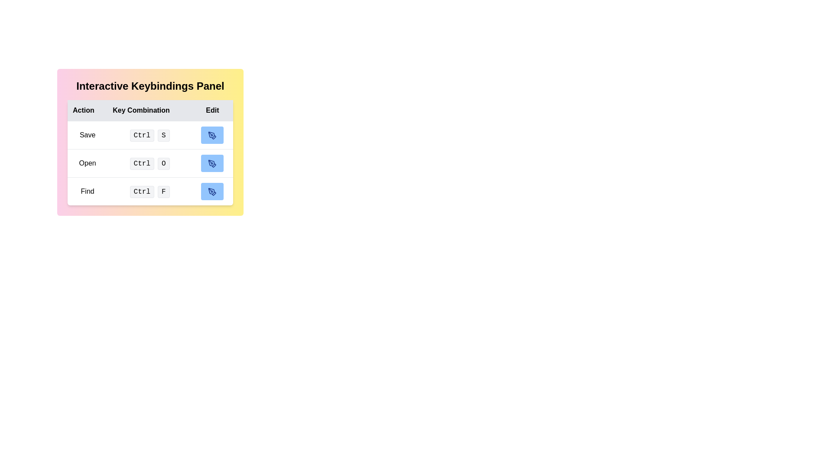  Describe the element at coordinates (212, 163) in the screenshot. I see `the edit button in the last column of the table associated with the 'Open' action` at that location.